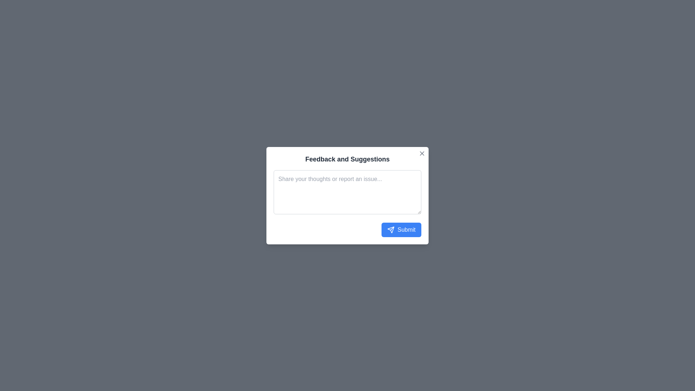 This screenshot has height=391, width=695. What do you see at coordinates (401, 229) in the screenshot?
I see `submit button to send feedback` at bounding box center [401, 229].